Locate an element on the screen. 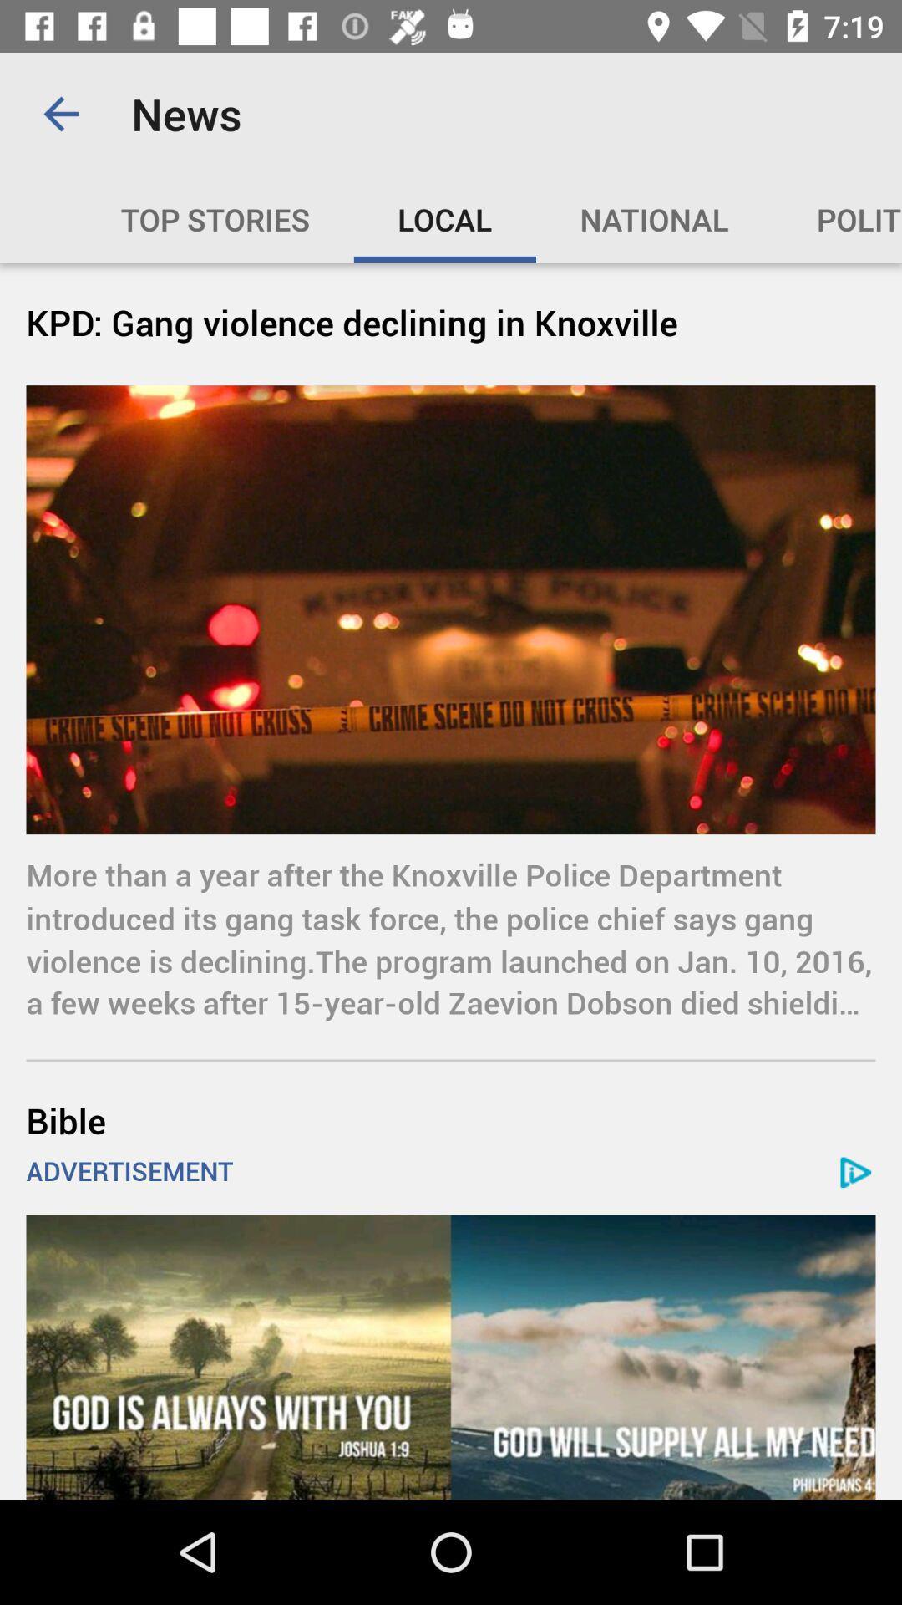 The image size is (902, 1605). icon to the left of the news app is located at coordinates (60, 113).